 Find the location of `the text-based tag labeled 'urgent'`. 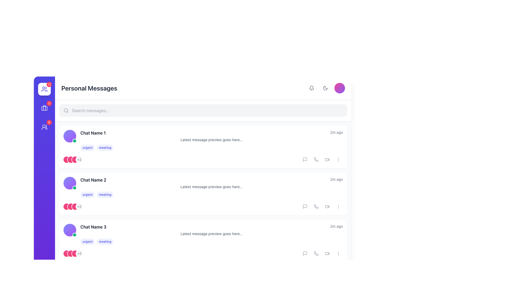

the text-based tag labeled 'urgent' is located at coordinates (88, 148).